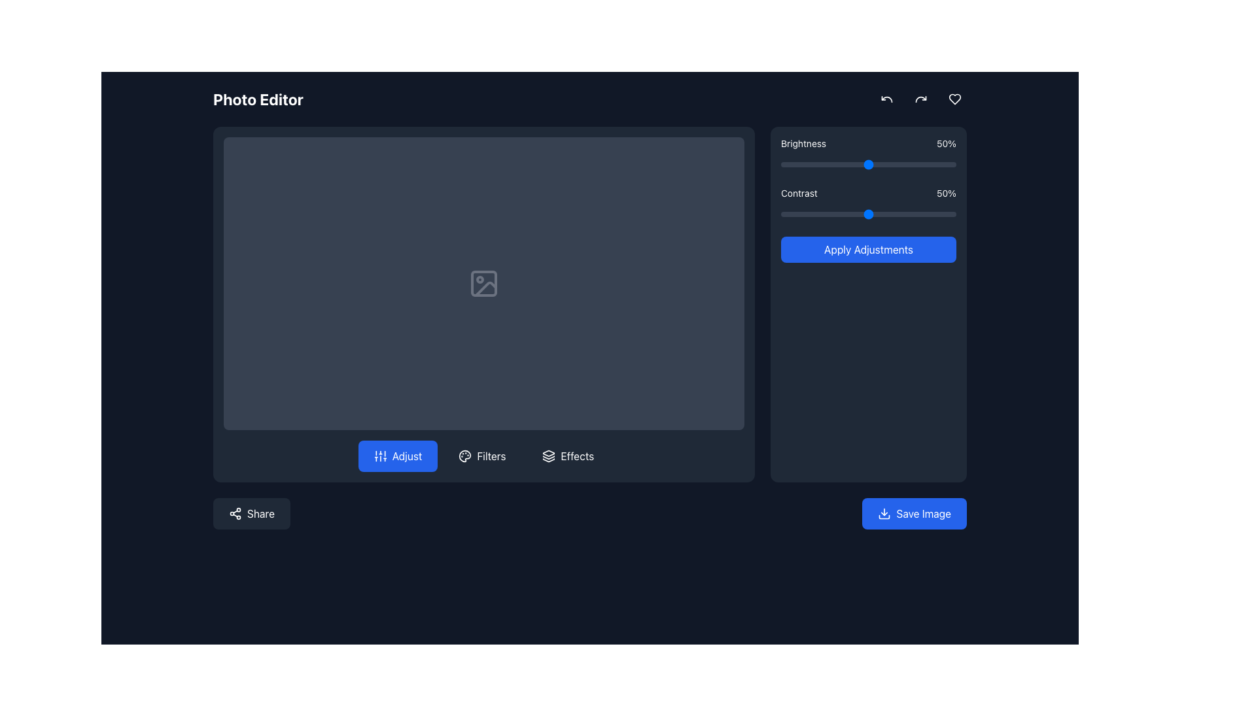 This screenshot has height=706, width=1256. What do you see at coordinates (818, 163) in the screenshot?
I see `brightness` at bounding box center [818, 163].